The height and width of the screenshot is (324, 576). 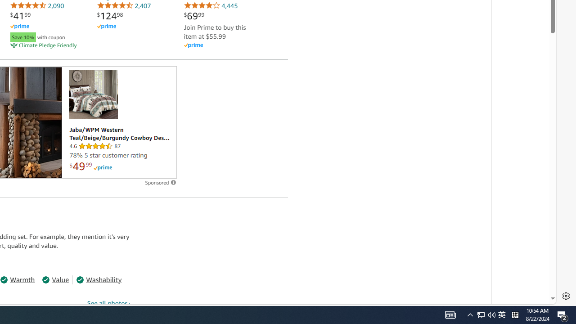 I want to click on '$124.98', so click(x=109, y=16).